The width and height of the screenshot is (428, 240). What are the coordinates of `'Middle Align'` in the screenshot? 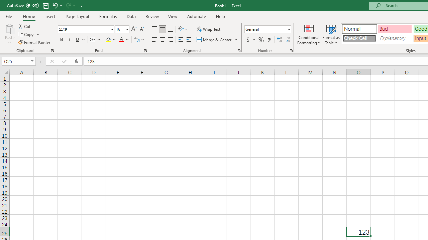 It's located at (162, 29).